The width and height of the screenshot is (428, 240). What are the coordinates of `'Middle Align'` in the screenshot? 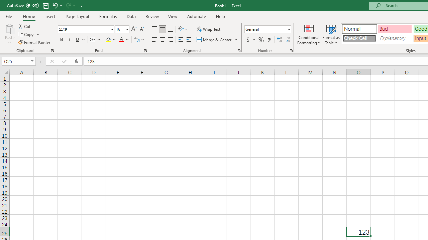 It's located at (162, 29).